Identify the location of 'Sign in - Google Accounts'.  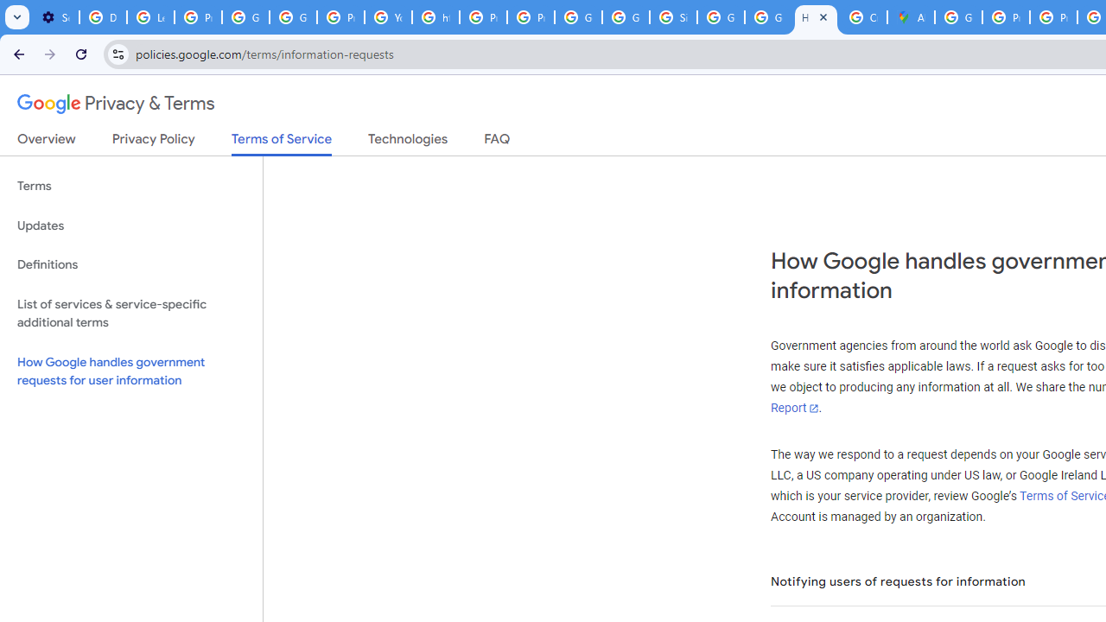
(672, 17).